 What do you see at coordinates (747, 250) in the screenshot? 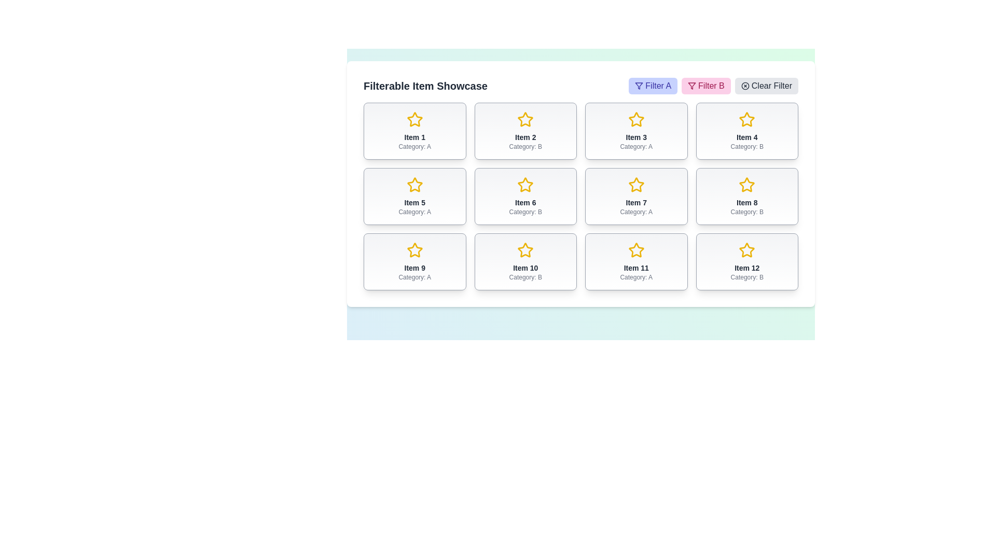
I see `the star-shaped icon with a yellow color and distinct border, located at the top-central area of the card for 'Item 12, Category B'` at bounding box center [747, 250].